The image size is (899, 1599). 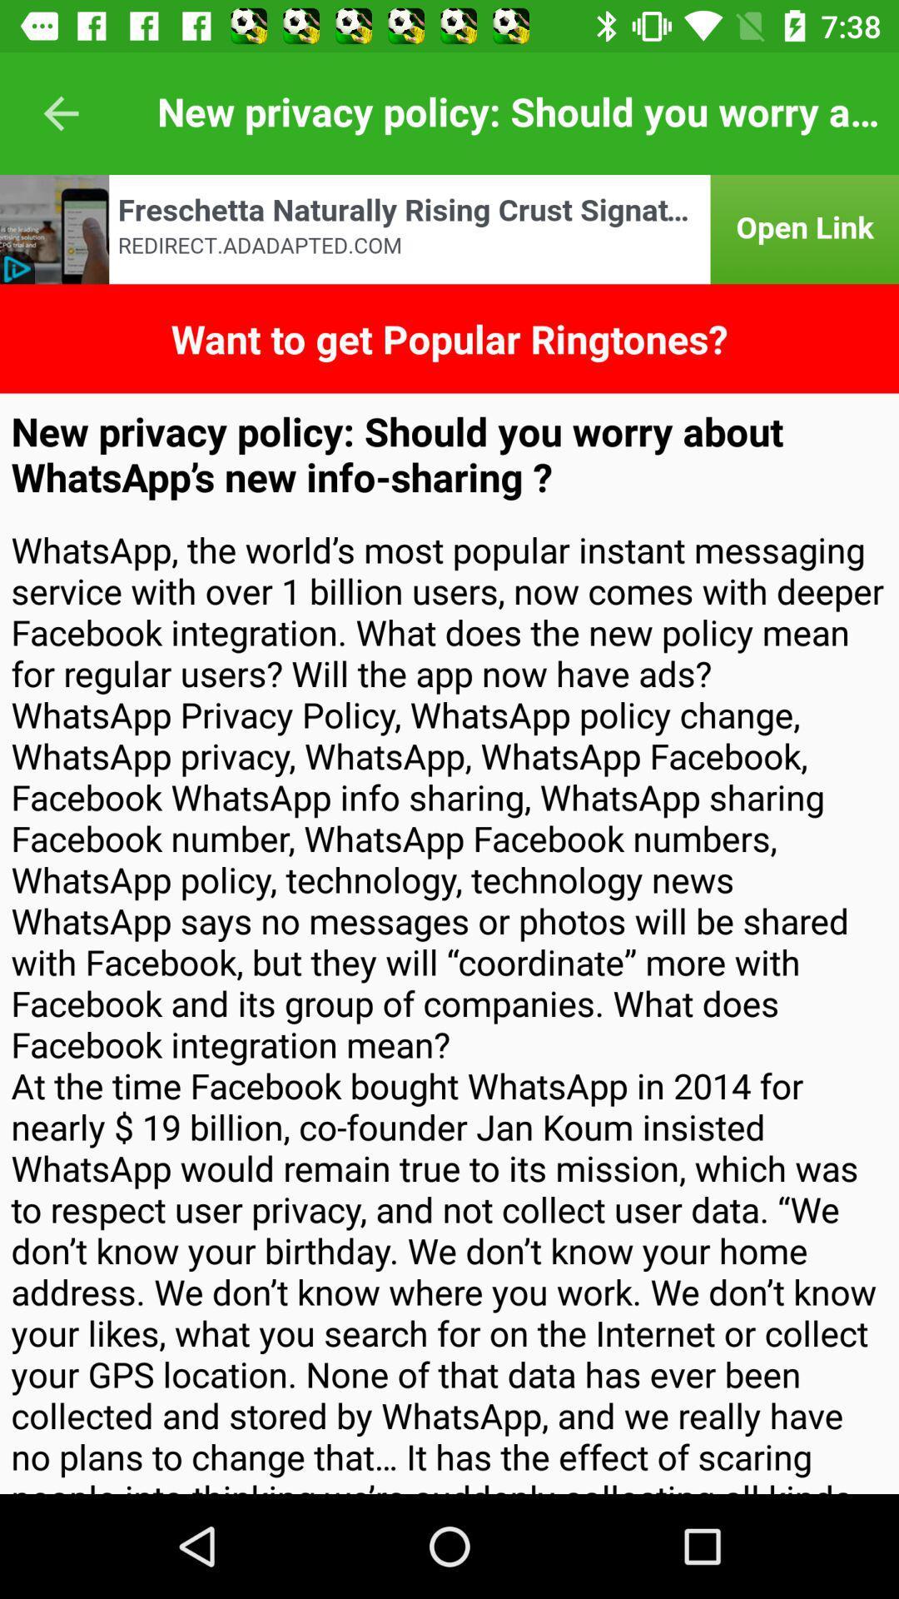 I want to click on want to get item, so click(x=449, y=337).